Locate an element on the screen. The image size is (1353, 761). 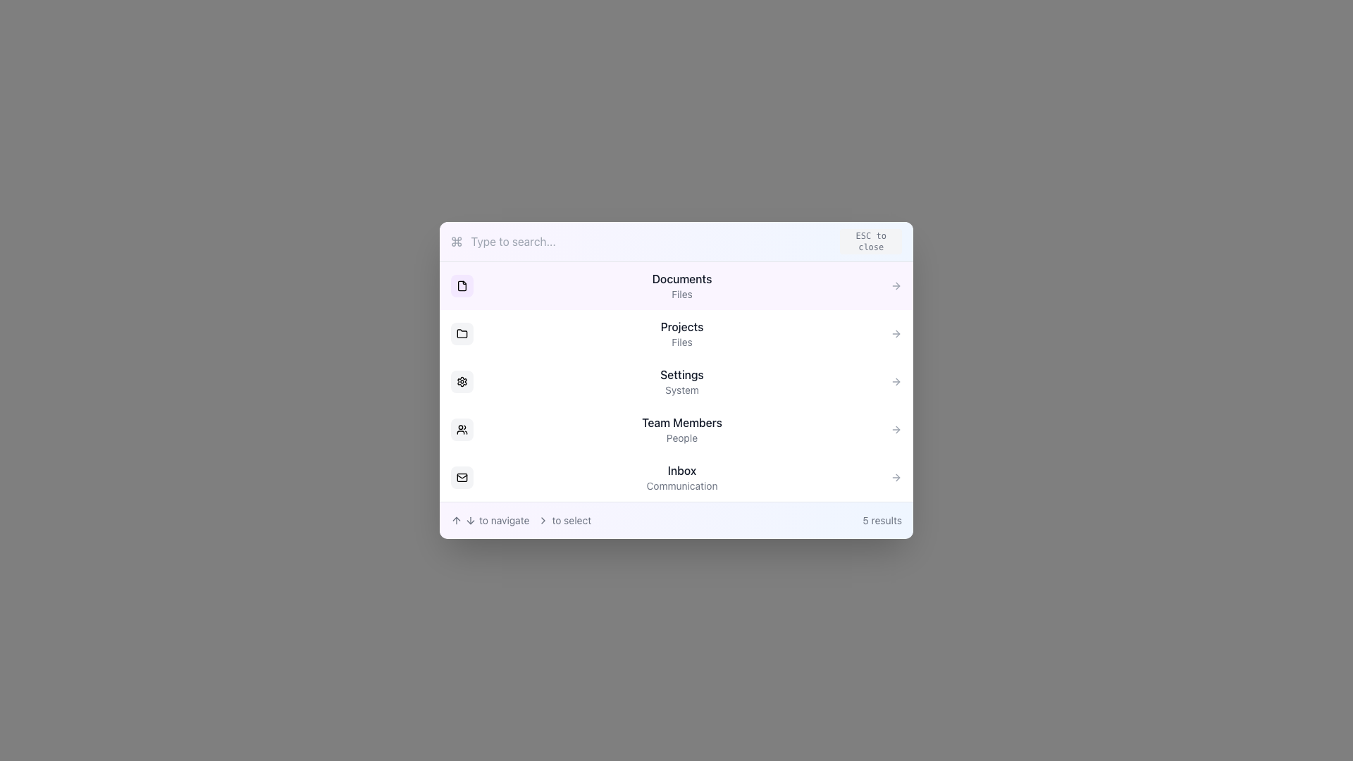
the downward-pointing arrow icon located in the bottom-left section of the panel, adjacent to the text 'to navigate' is located at coordinates (470, 521).